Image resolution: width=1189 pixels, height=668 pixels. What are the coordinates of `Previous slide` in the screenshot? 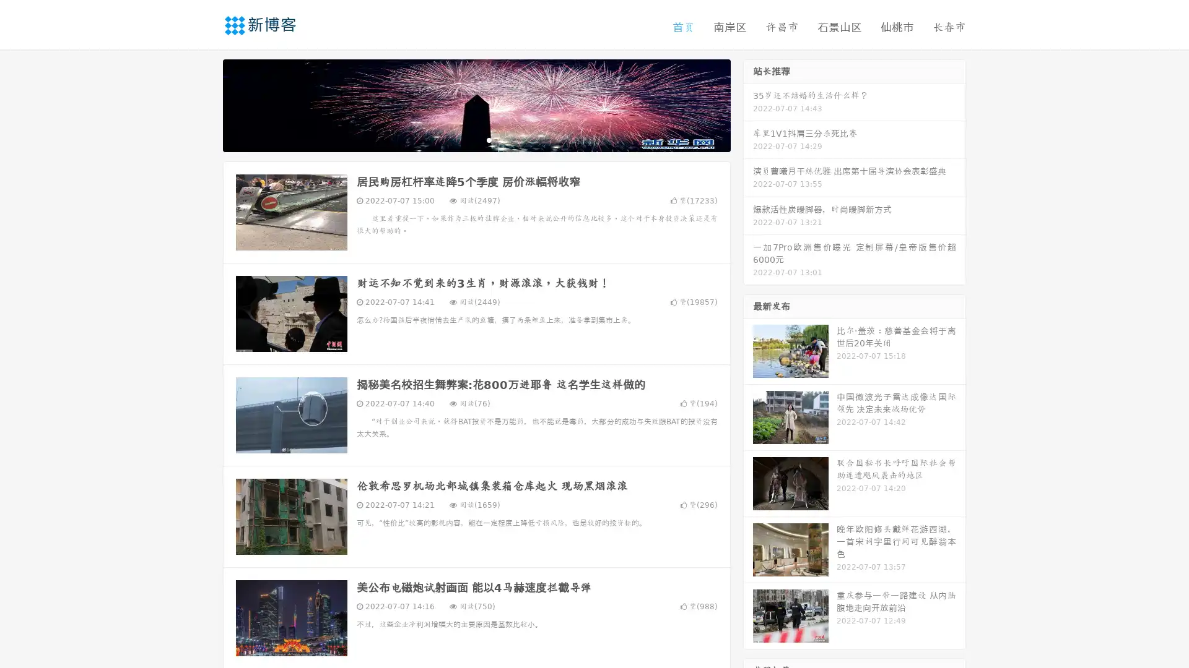 It's located at (204, 104).